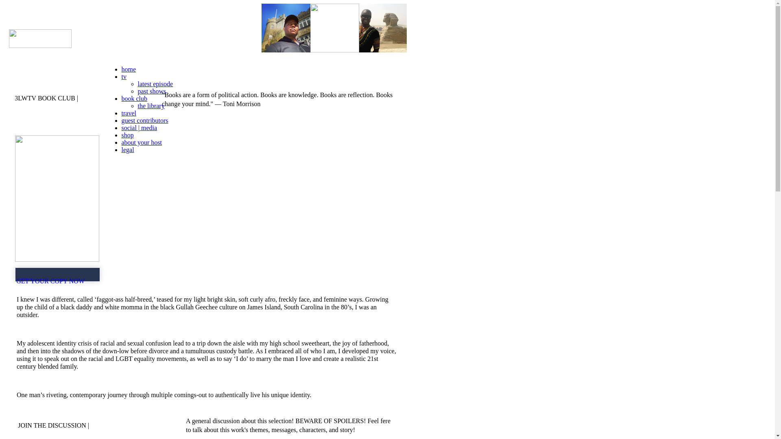  Describe the element at coordinates (120, 76) in the screenshot. I see `'tv'` at that location.